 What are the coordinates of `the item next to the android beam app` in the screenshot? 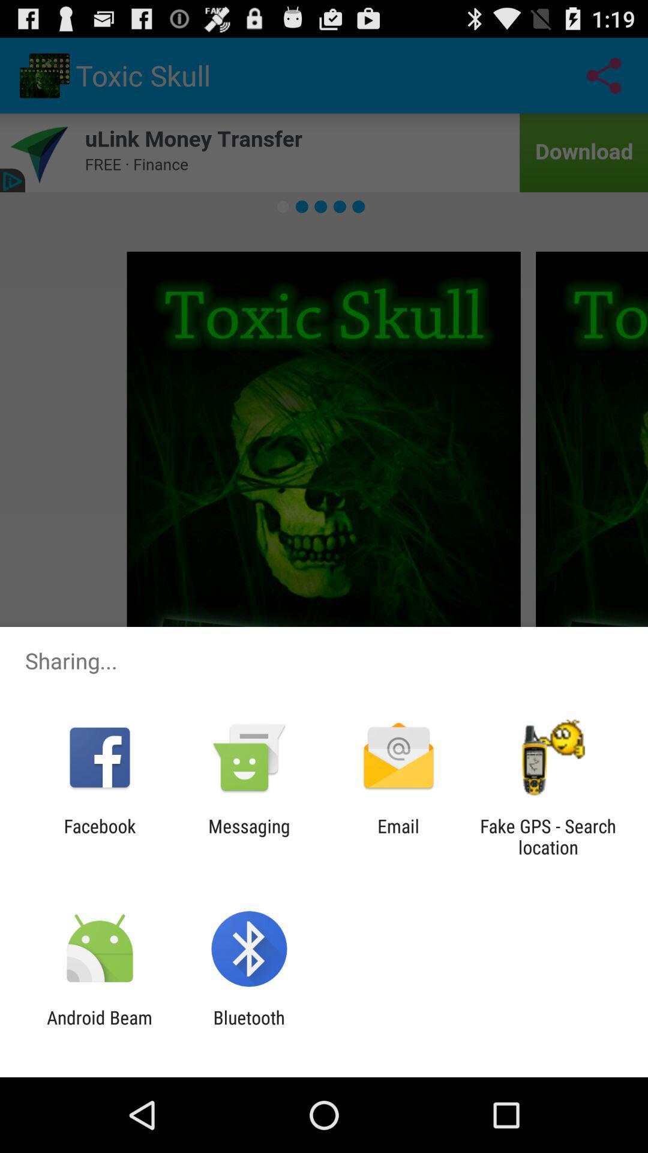 It's located at (248, 1027).